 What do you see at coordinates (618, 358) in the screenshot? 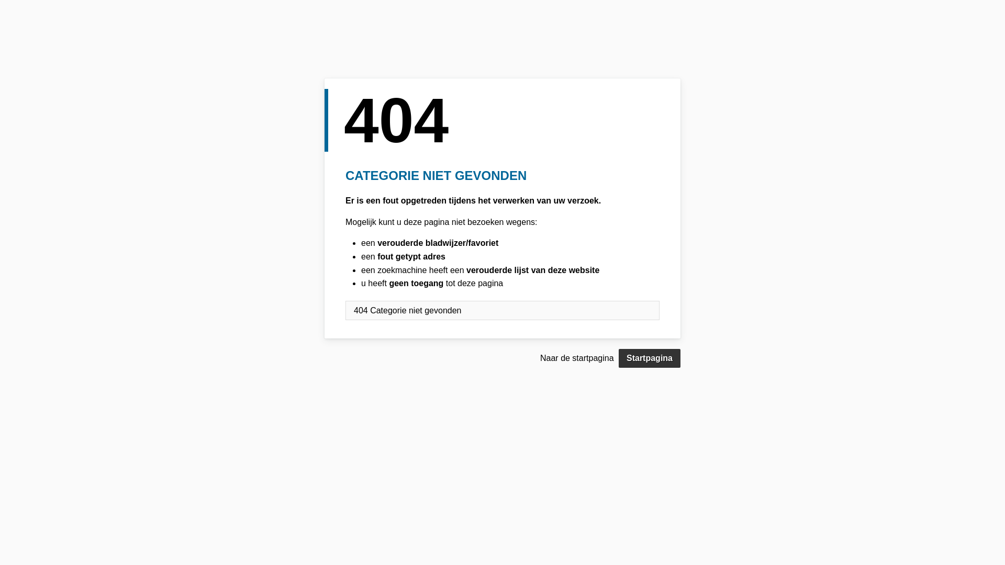
I see `'Startpagina'` at bounding box center [618, 358].